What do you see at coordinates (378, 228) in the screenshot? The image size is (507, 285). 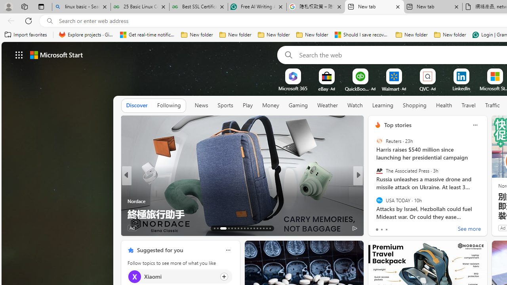 I see `'48 Like'` at bounding box center [378, 228].